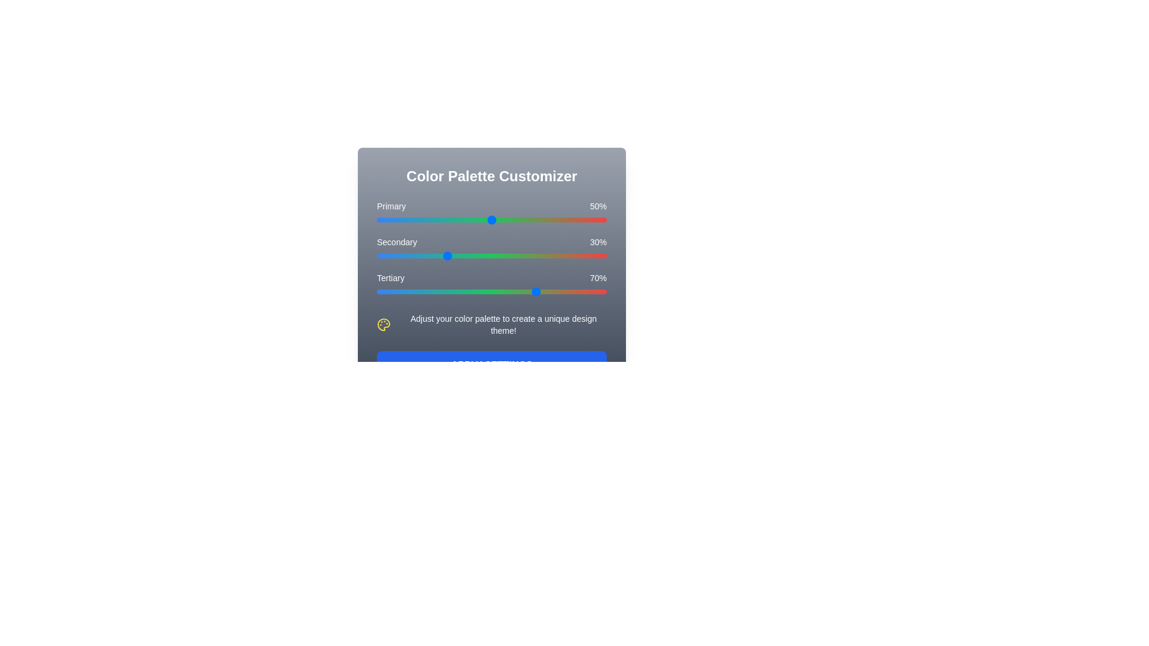 Image resolution: width=1149 pixels, height=646 pixels. Describe the element at coordinates (539, 292) in the screenshot. I see `the tertiary color value` at that location.